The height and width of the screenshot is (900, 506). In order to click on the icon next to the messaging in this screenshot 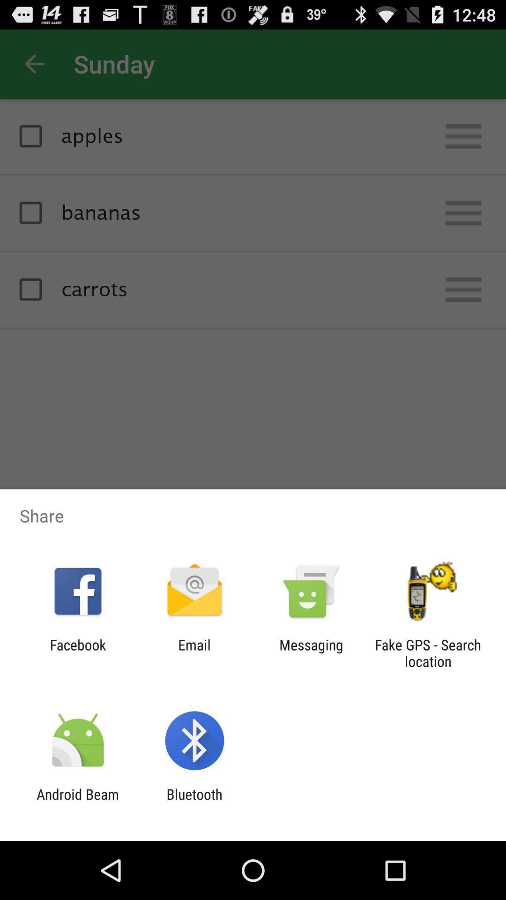, I will do `click(194, 652)`.